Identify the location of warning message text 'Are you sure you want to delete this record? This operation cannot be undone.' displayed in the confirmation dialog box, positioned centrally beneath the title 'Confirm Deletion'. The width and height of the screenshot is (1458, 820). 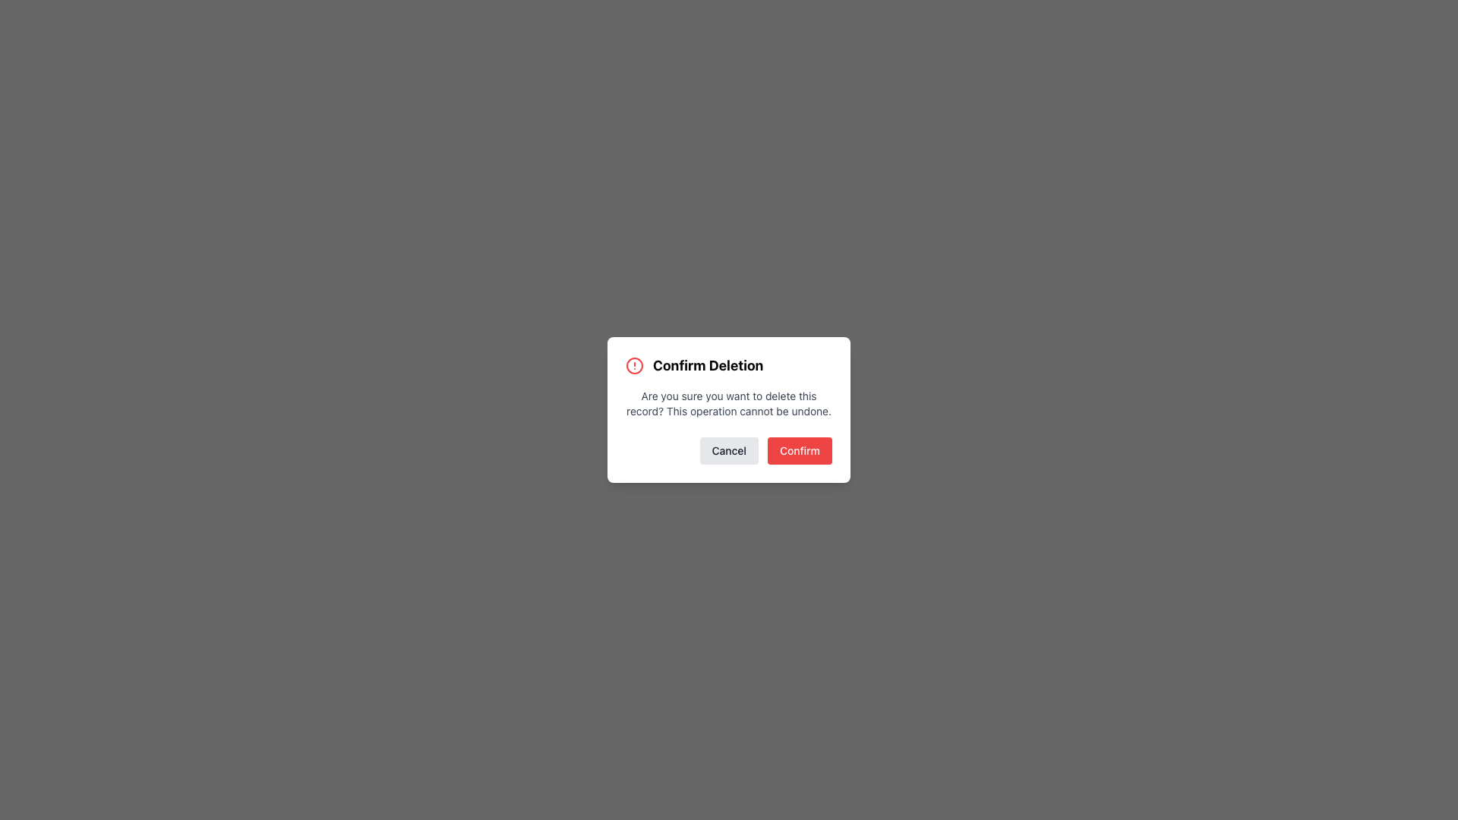
(729, 403).